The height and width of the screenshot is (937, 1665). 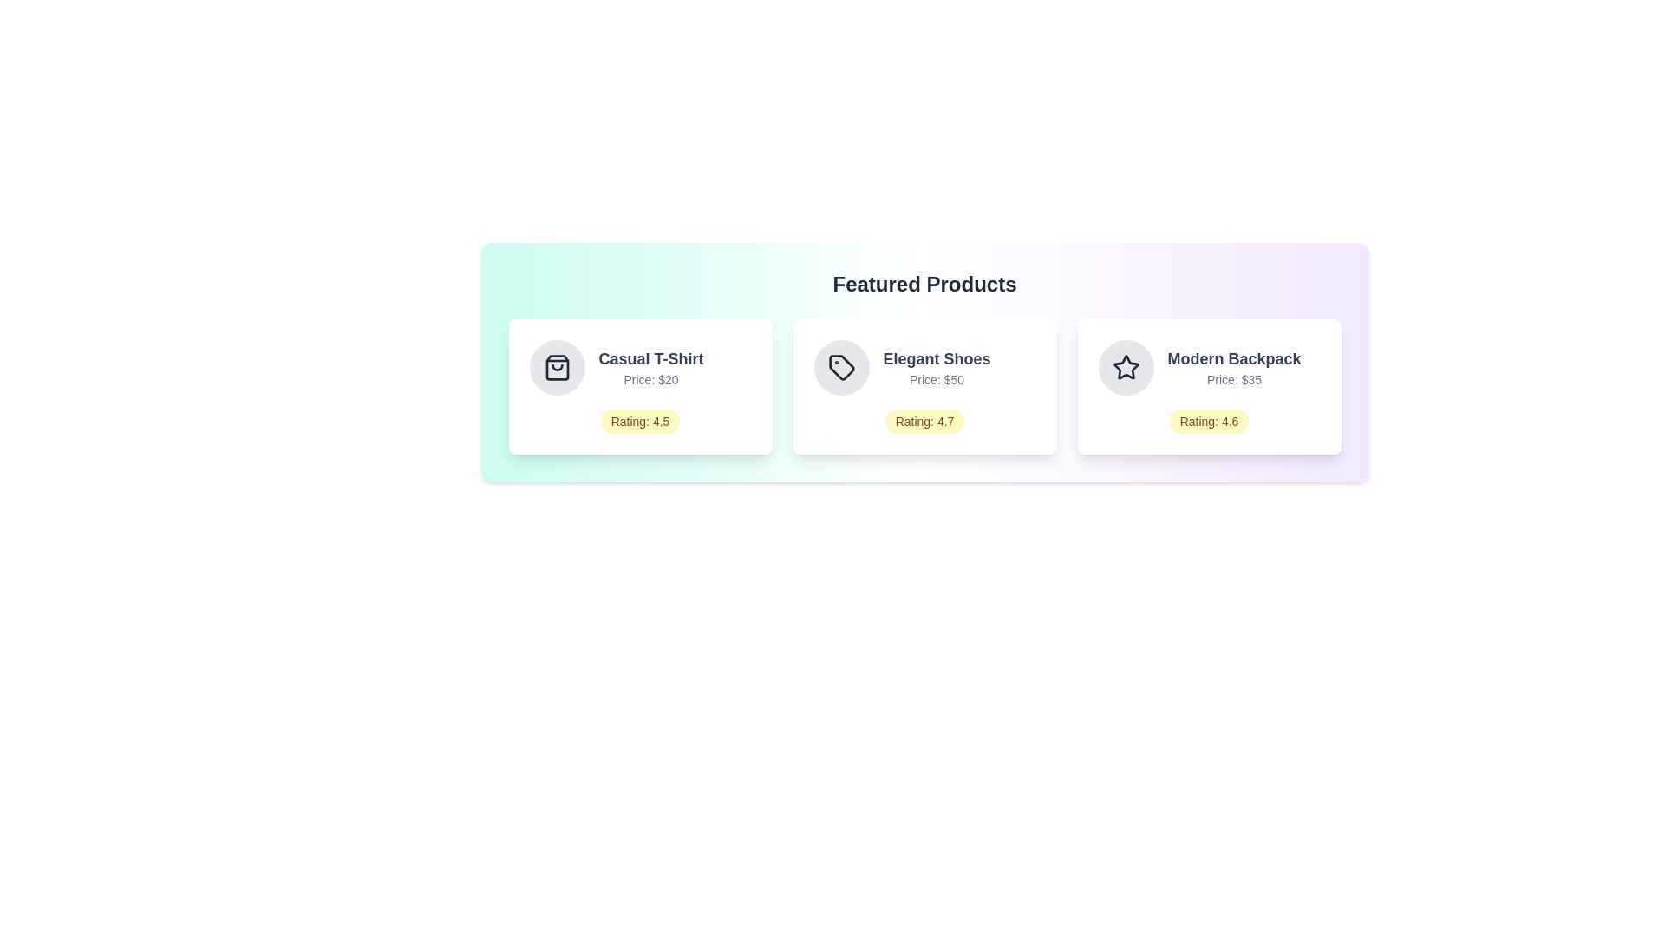 I want to click on the icon of the product named Casual T-Shirt, so click(x=557, y=367).